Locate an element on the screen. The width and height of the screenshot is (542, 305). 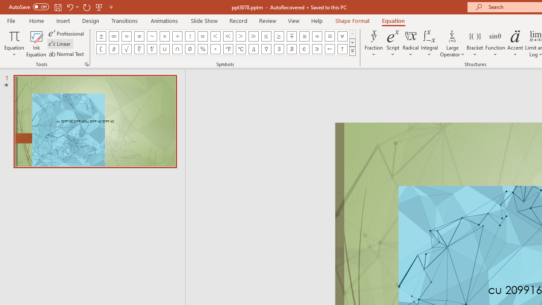
'Equation Symbol Infinity' is located at coordinates (113, 36).